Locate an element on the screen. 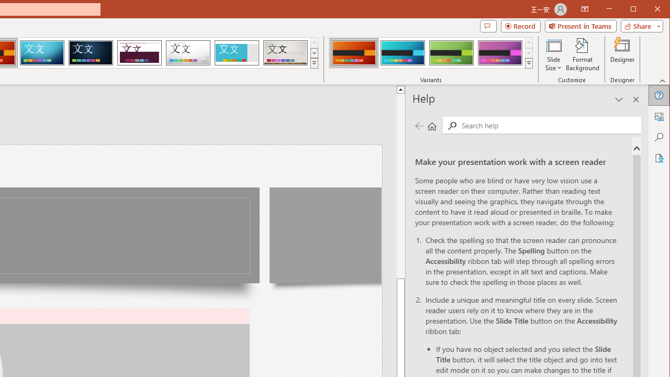 The height and width of the screenshot is (377, 670). 'Slide Size' is located at coordinates (553, 54).